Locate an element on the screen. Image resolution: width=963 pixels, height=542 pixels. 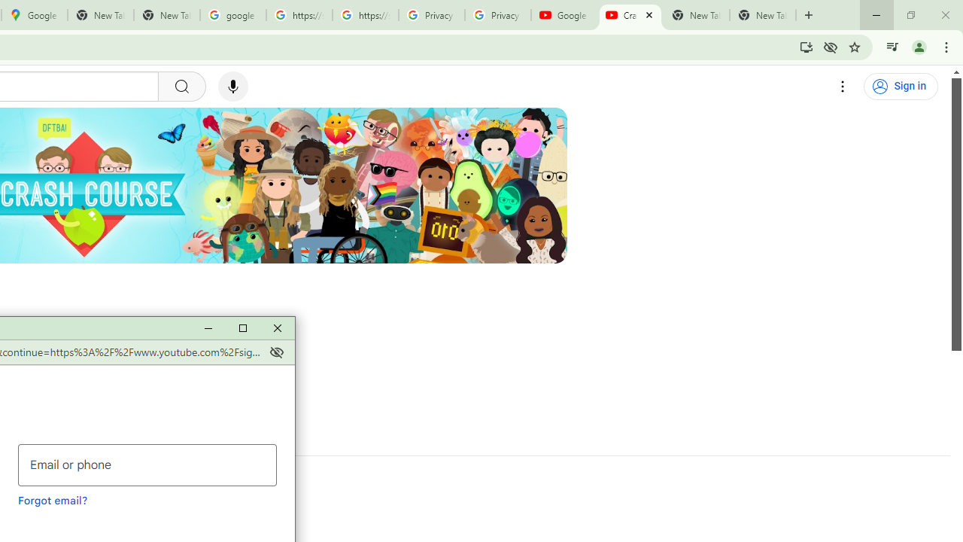
'https://scholar.google.com/' is located at coordinates (365, 15).